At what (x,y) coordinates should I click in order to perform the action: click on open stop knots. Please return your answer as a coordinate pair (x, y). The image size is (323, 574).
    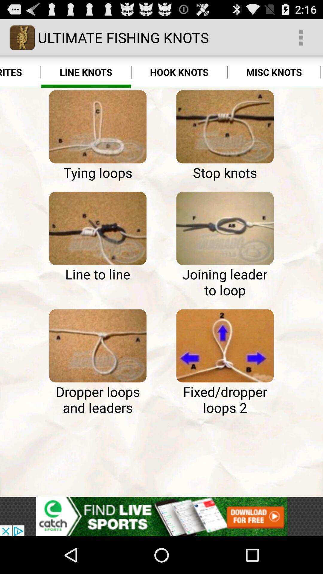
    Looking at the image, I should click on (225, 126).